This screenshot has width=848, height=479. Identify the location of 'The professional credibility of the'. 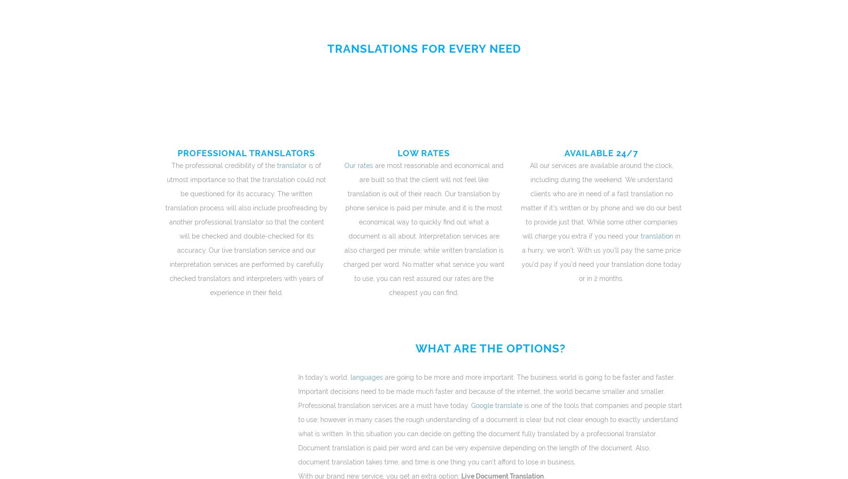
(222, 165).